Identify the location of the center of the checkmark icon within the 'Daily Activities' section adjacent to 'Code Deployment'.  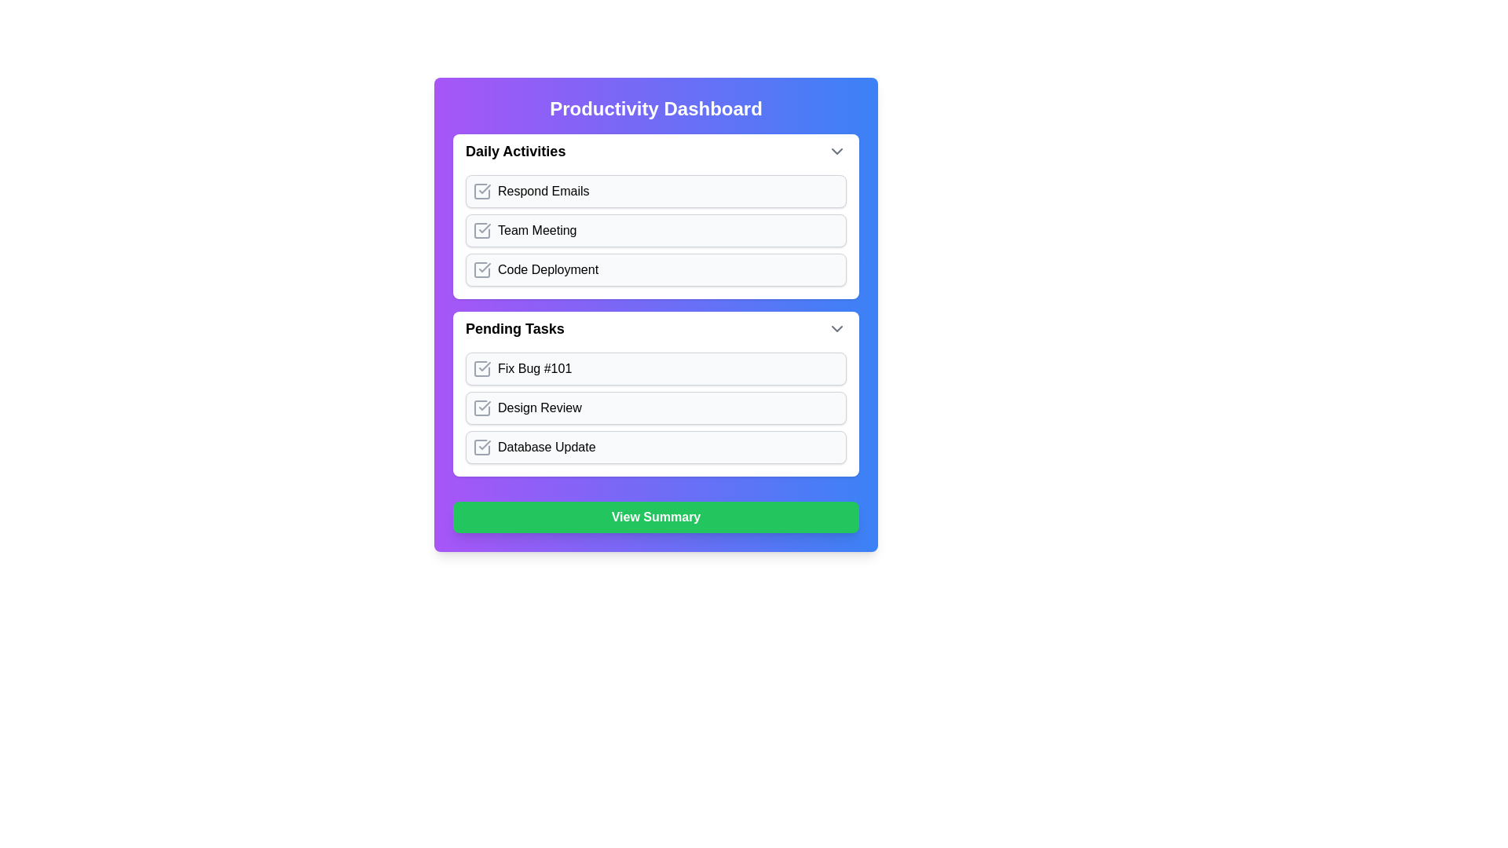
(484, 266).